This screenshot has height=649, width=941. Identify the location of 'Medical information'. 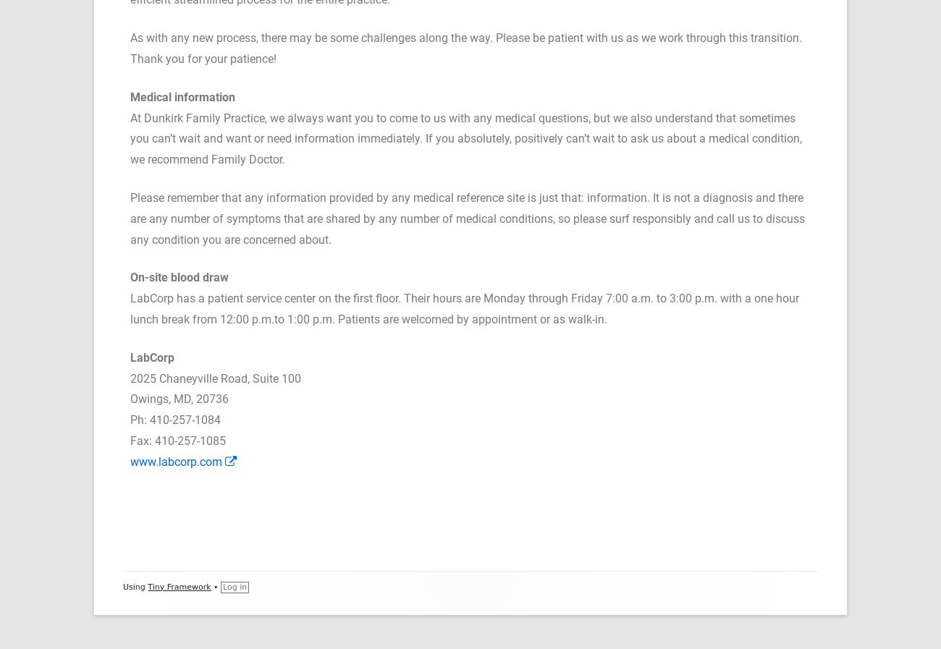
(182, 96).